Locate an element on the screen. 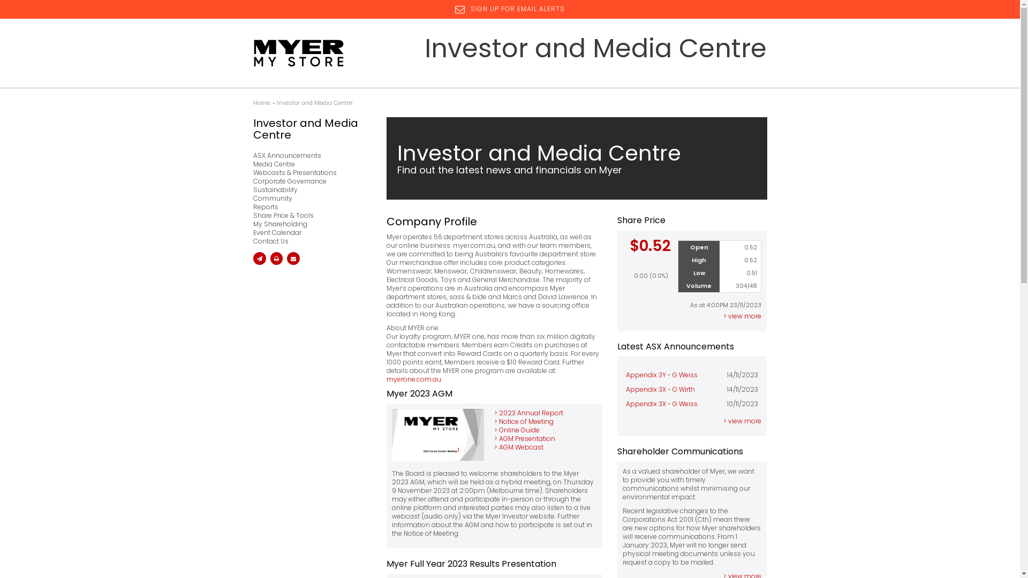 This screenshot has height=578, width=1028. 'Appendix 3Y - G Weiss' is located at coordinates (661, 374).